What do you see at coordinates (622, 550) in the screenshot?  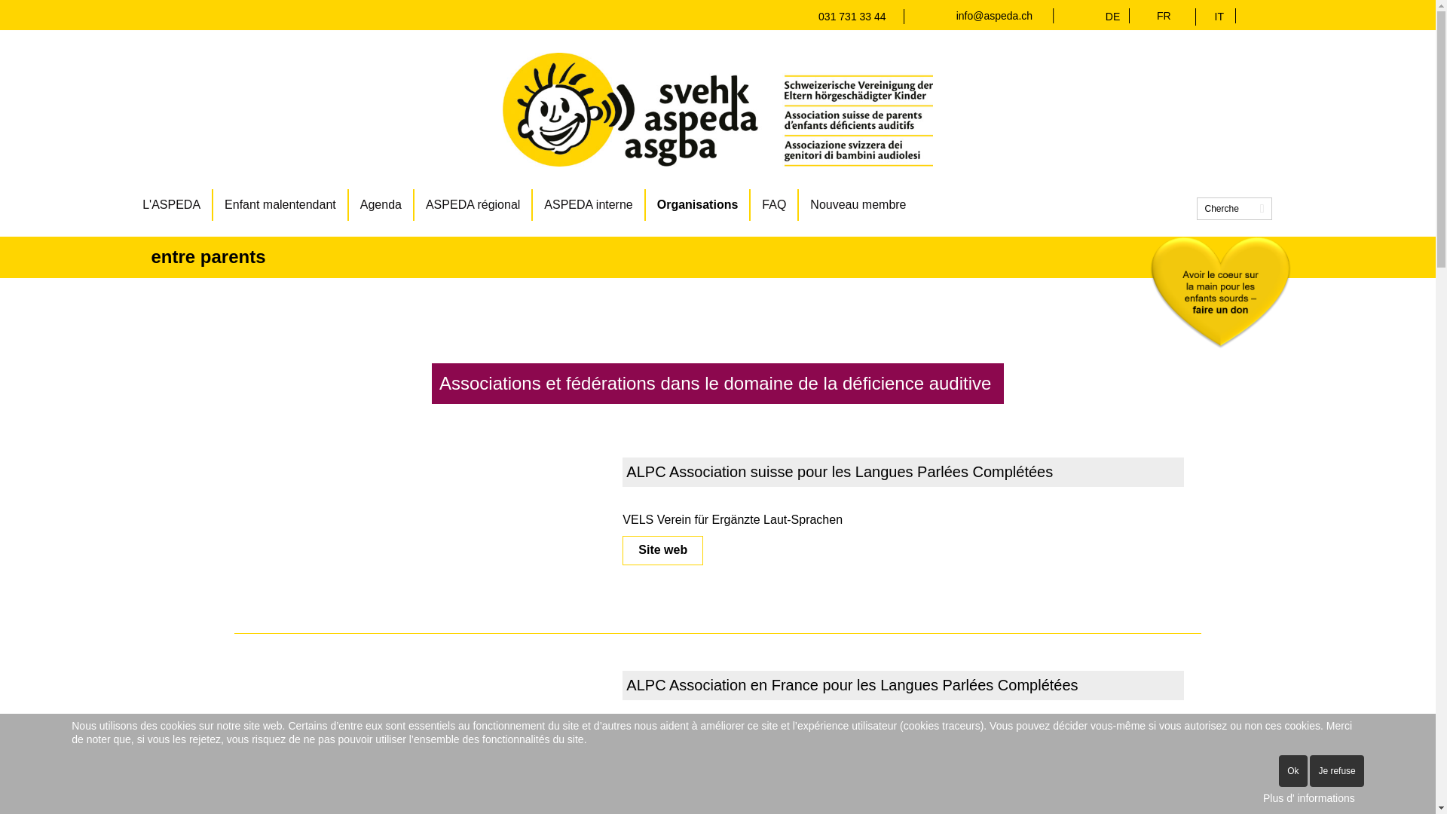 I see `'Site web'` at bounding box center [622, 550].